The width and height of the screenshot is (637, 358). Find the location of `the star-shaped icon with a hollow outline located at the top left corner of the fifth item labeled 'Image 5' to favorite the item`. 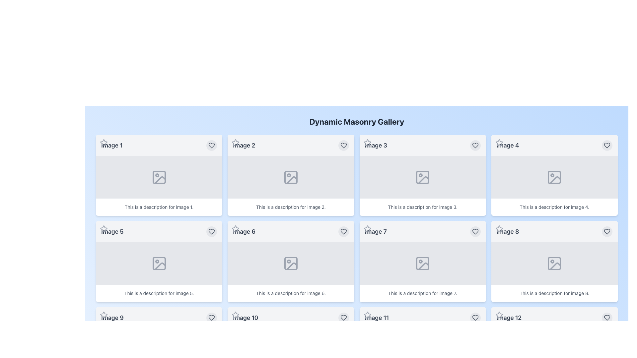

the star-shaped icon with a hollow outline located at the top left corner of the fifth item labeled 'Image 5' to favorite the item is located at coordinates (103, 228).